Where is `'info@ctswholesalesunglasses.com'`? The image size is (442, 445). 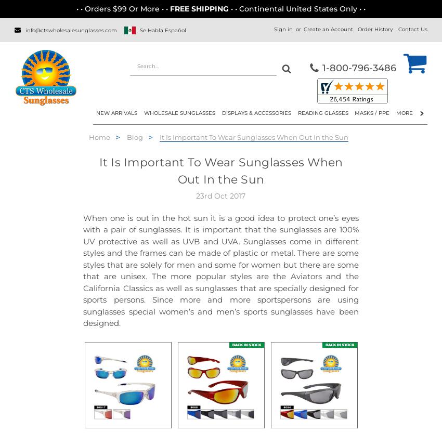 'info@ctswholesalesunglasses.com' is located at coordinates (71, 29).